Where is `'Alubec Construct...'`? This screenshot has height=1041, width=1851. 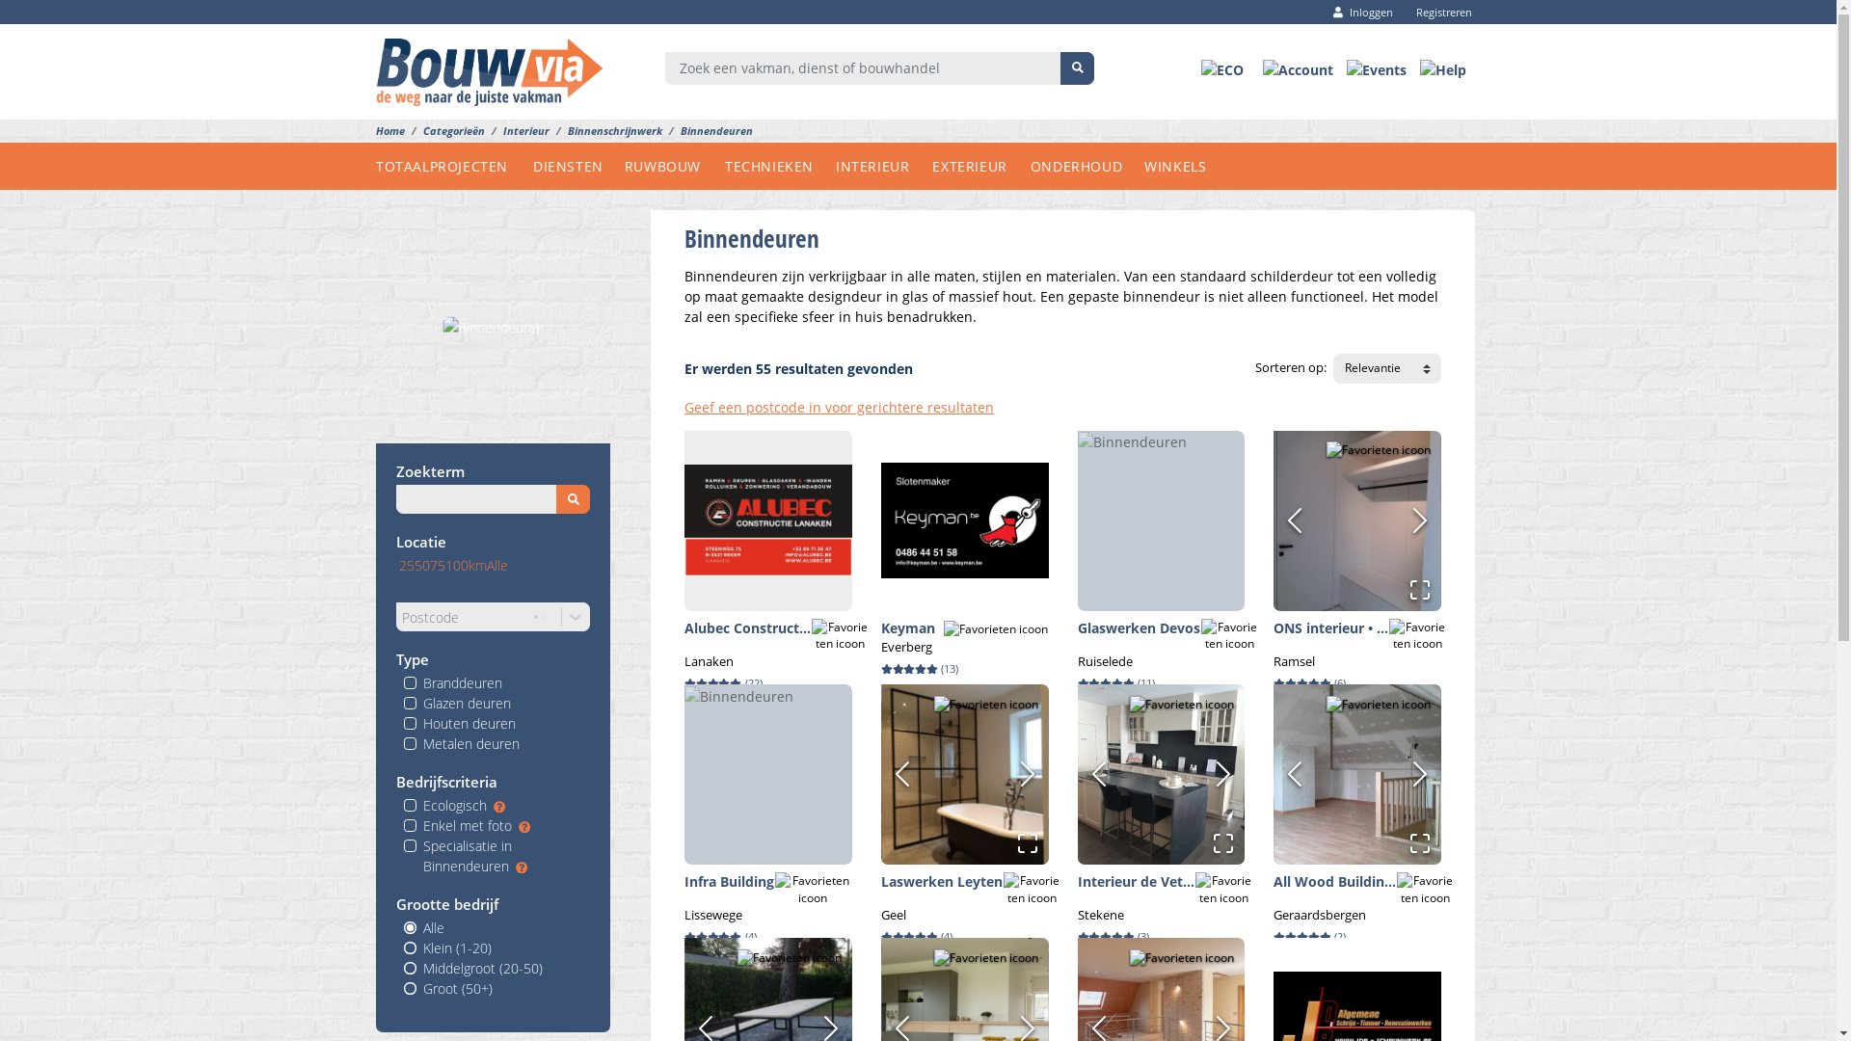 'Alubec Construct...' is located at coordinates (746, 627).